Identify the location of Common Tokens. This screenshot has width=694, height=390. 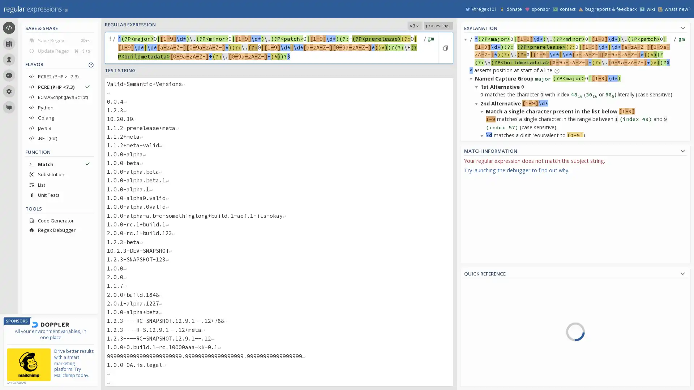
(498, 309).